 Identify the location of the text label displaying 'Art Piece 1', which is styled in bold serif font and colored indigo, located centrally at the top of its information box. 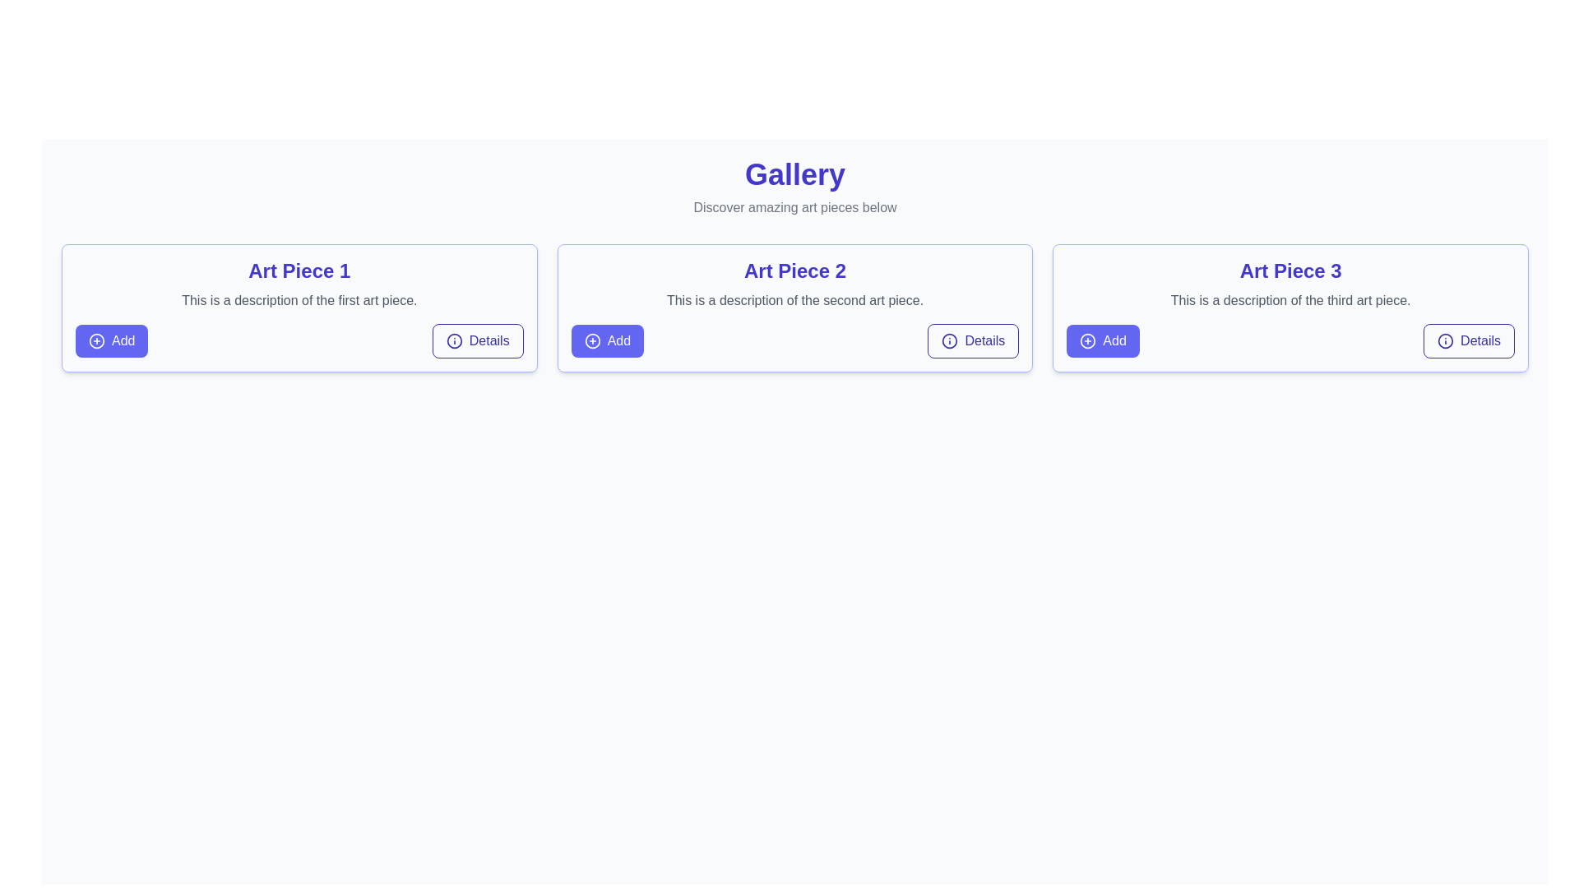
(299, 271).